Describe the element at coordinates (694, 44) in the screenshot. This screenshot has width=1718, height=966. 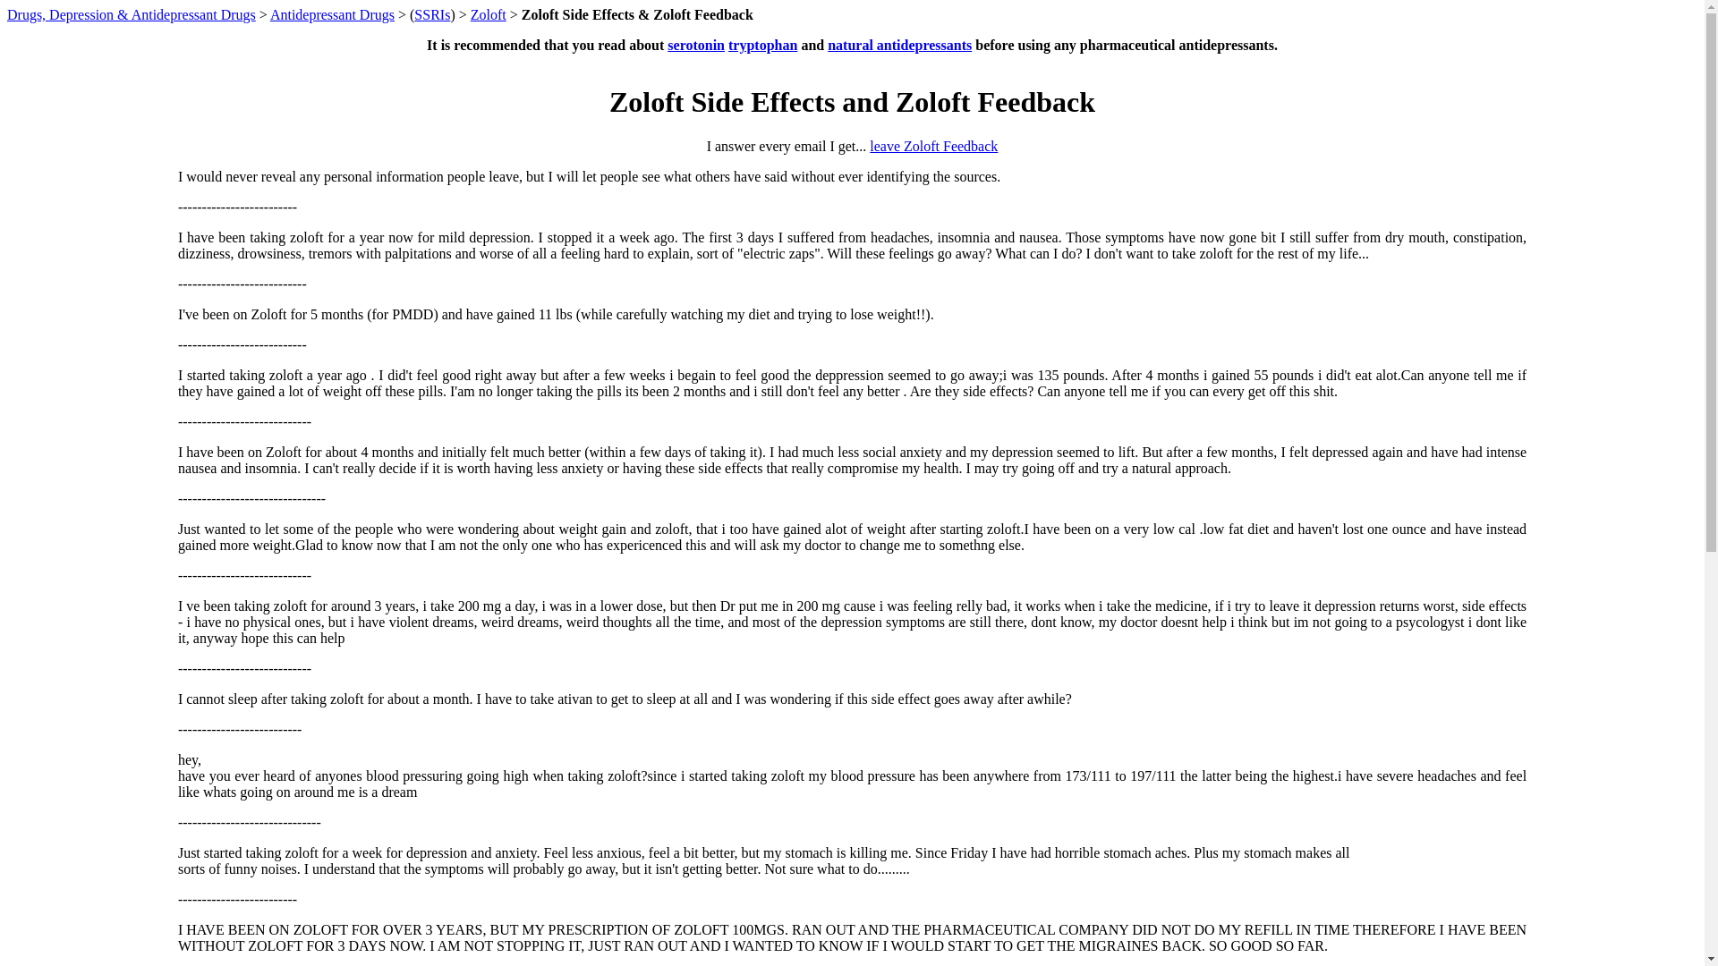
I see `'serotonin'` at that location.